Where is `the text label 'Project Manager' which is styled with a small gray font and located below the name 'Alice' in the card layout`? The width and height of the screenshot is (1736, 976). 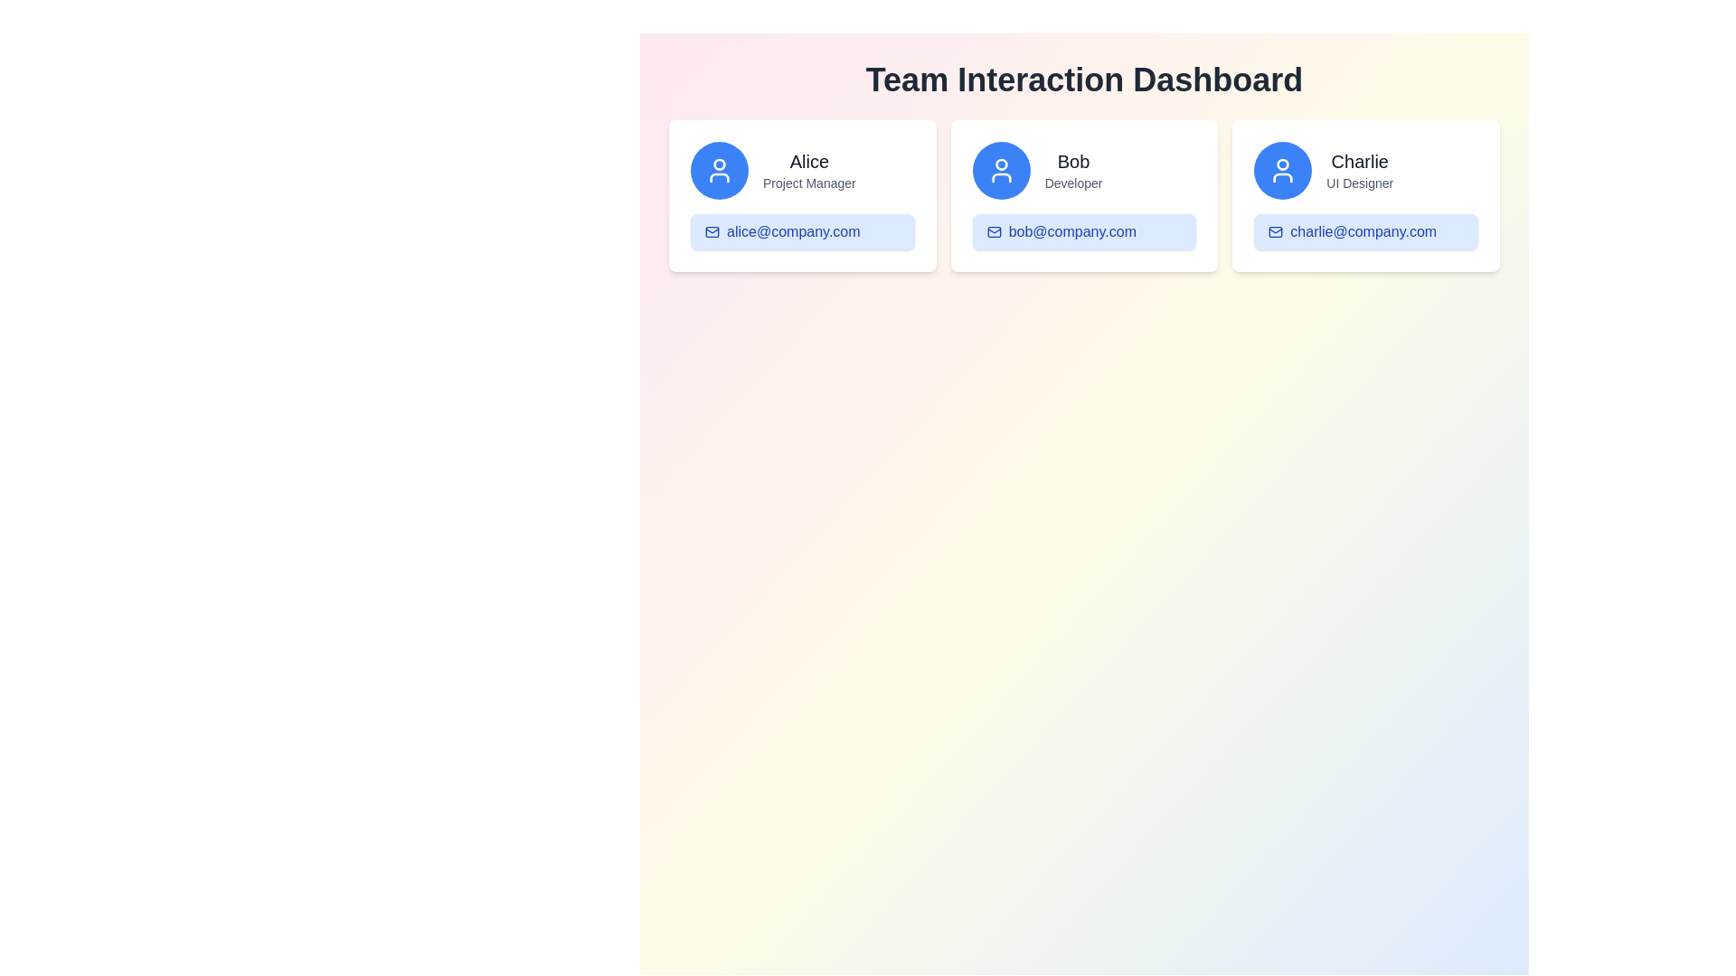
the text label 'Project Manager' which is styled with a small gray font and located below the name 'Alice' in the card layout is located at coordinates (808, 183).